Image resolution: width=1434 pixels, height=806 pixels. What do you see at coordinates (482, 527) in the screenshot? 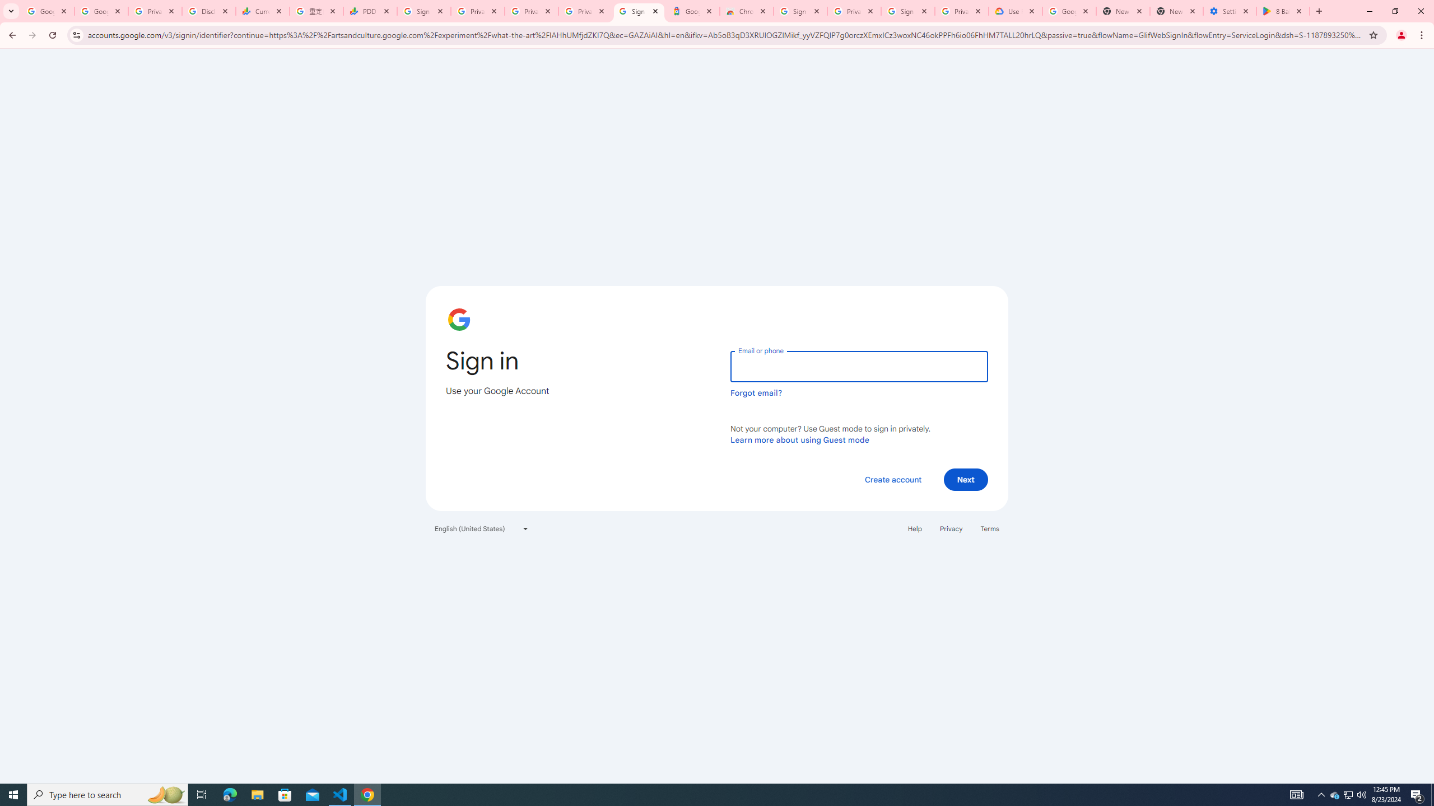
I see `'English (United States)'` at bounding box center [482, 527].